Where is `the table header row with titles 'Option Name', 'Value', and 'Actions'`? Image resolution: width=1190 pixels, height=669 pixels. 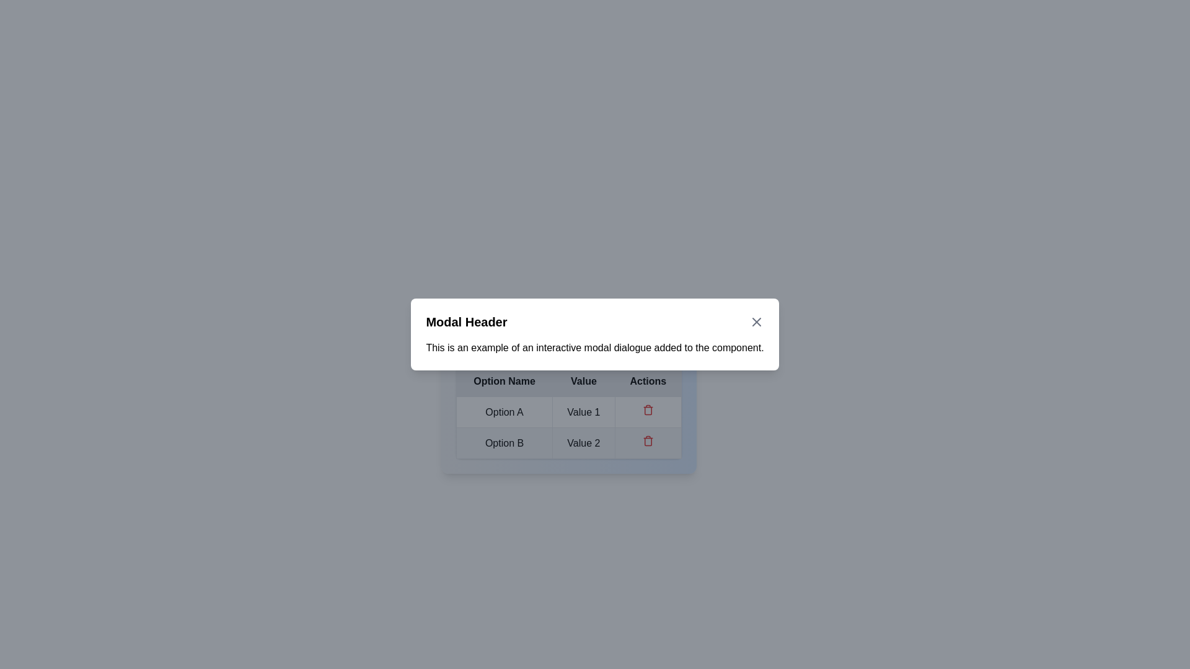 the table header row with titles 'Option Name', 'Value', and 'Actions' is located at coordinates (568, 381).